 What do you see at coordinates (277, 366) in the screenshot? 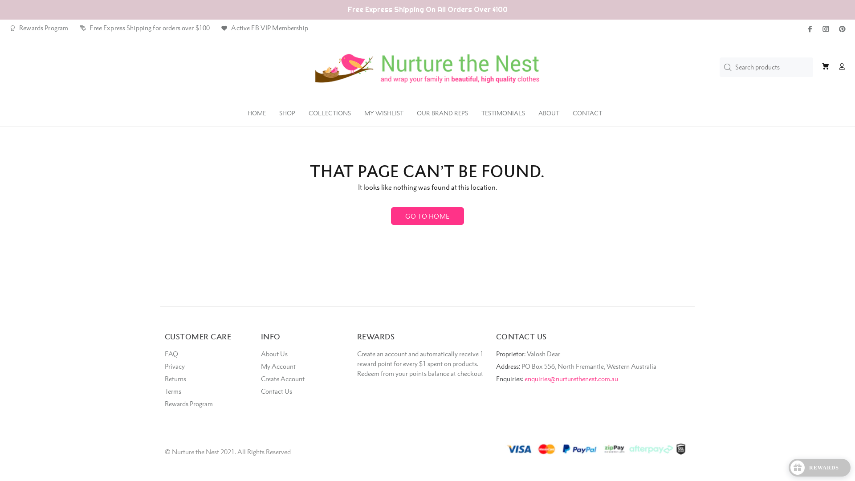
I see `'My Account'` at bounding box center [277, 366].